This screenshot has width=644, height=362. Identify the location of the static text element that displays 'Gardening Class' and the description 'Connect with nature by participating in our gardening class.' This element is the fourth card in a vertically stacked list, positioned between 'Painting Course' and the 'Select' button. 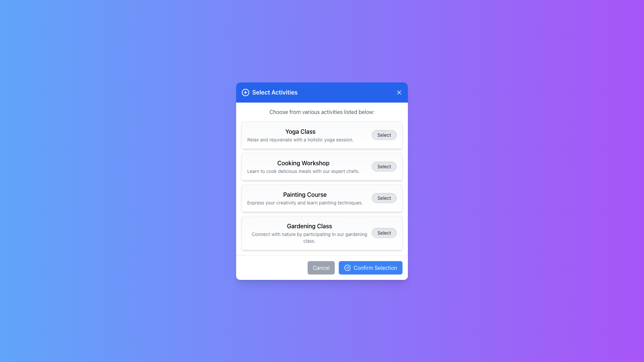
(309, 232).